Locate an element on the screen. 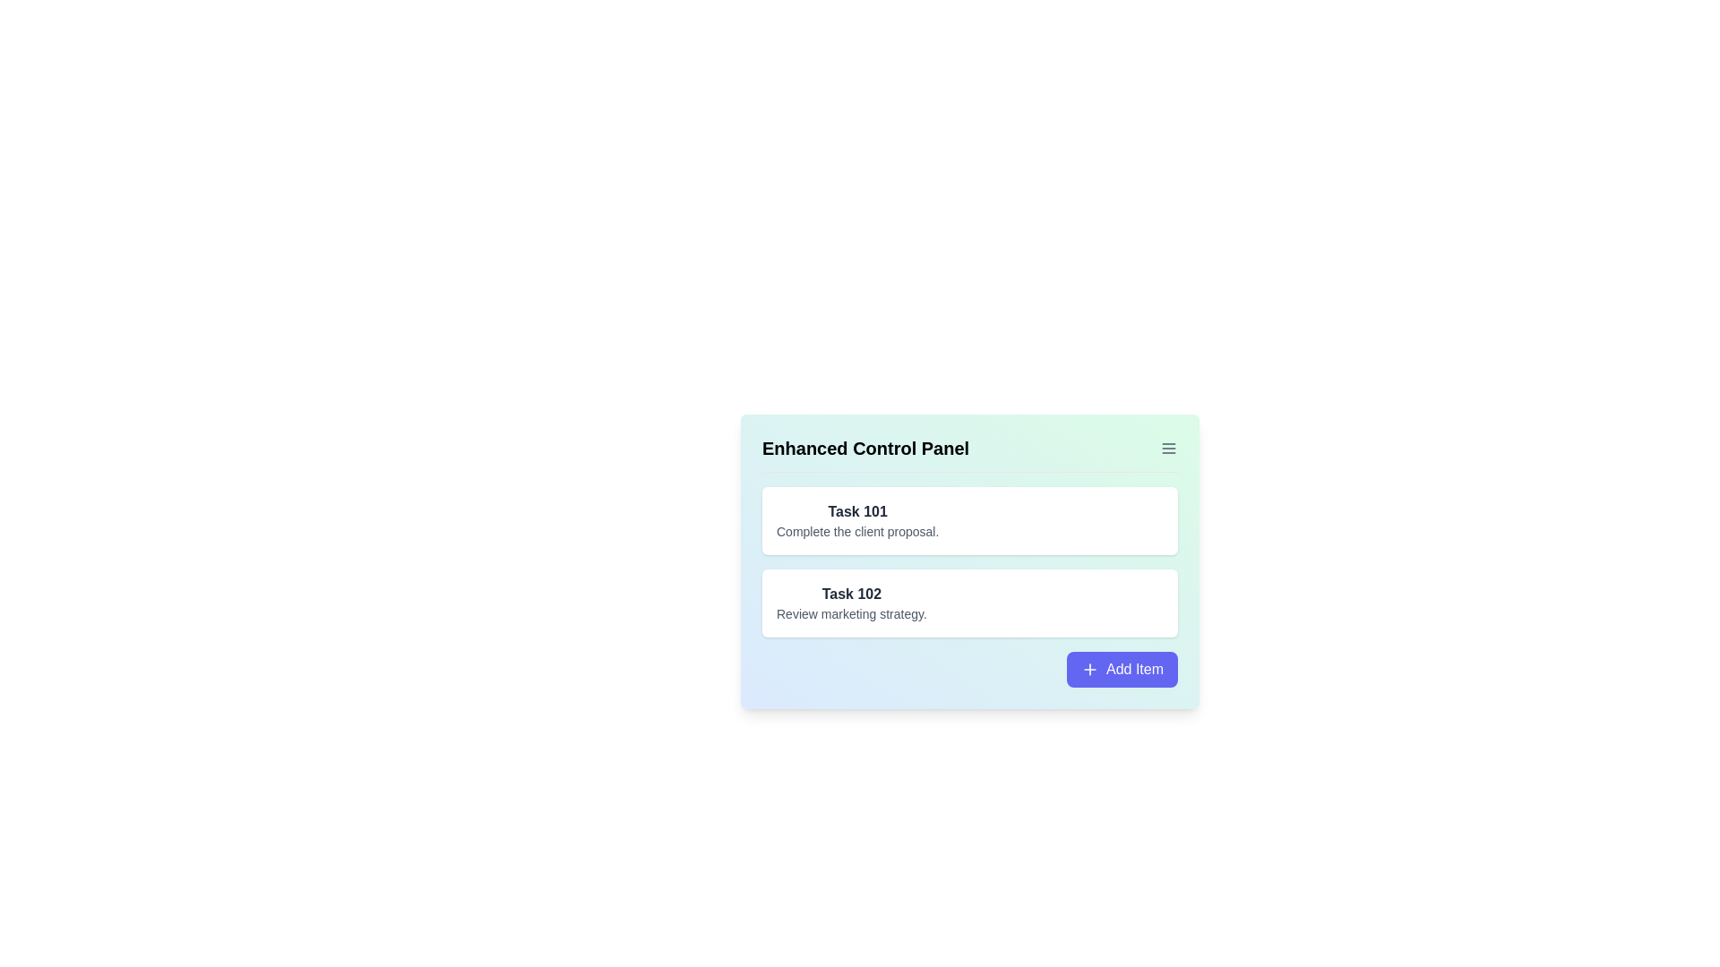 The image size is (1720, 967). the plus icon located to the left of the text 'Add Item' within the button at the bottom-right corner of the card interface is located at coordinates (1088, 670).